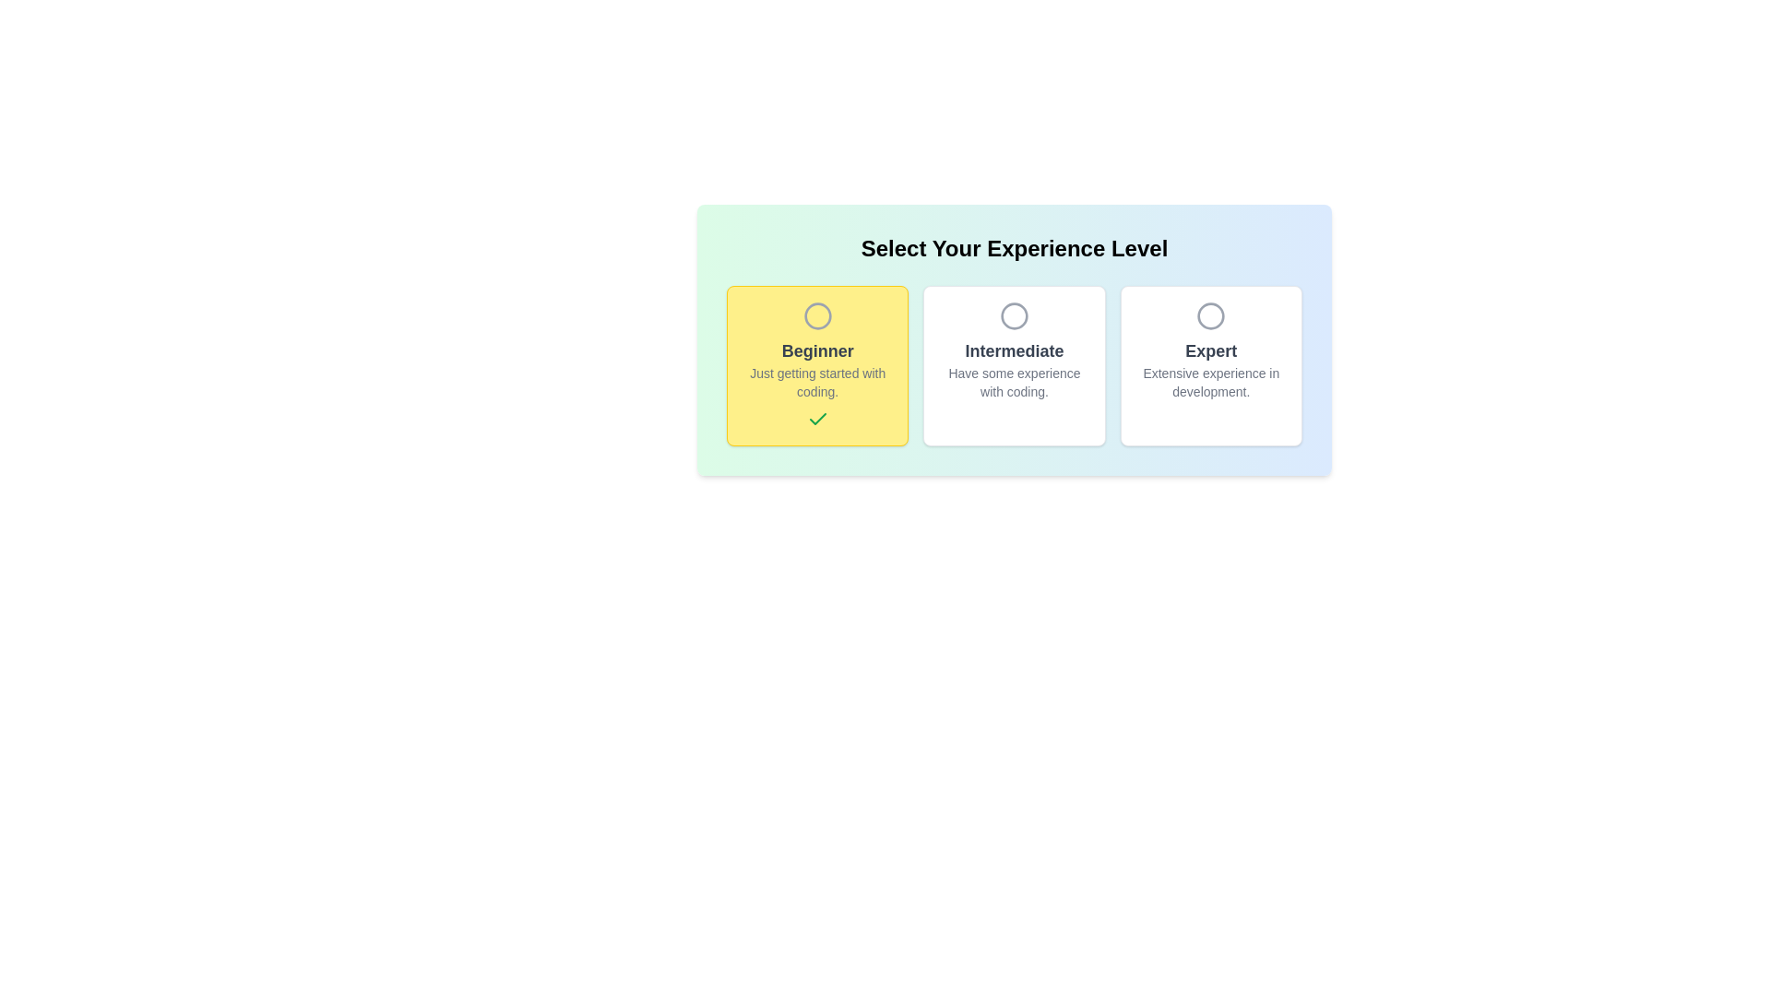 This screenshot has height=996, width=1771. Describe the element at coordinates (1013, 382) in the screenshot. I see `text string that says 'Have some experience with coding.' which is styled in a smaller gray font and located below the heading 'Intermediate.'` at that location.